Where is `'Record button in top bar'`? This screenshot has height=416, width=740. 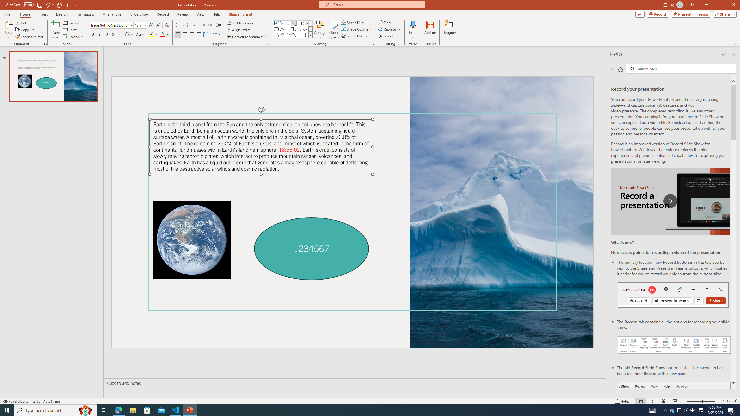
'Record button in top bar' is located at coordinates (673, 294).